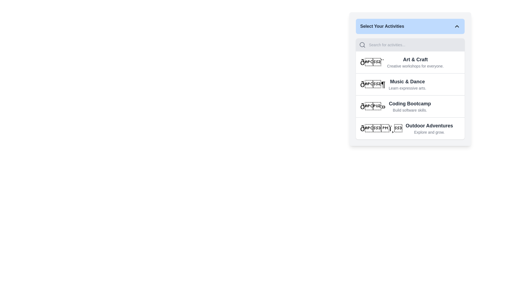  What do you see at coordinates (381, 128) in the screenshot?
I see `the decorative icon located to the left of 'Outdoor Adventures' in the fourth row of the list to focus on the associated row` at bounding box center [381, 128].